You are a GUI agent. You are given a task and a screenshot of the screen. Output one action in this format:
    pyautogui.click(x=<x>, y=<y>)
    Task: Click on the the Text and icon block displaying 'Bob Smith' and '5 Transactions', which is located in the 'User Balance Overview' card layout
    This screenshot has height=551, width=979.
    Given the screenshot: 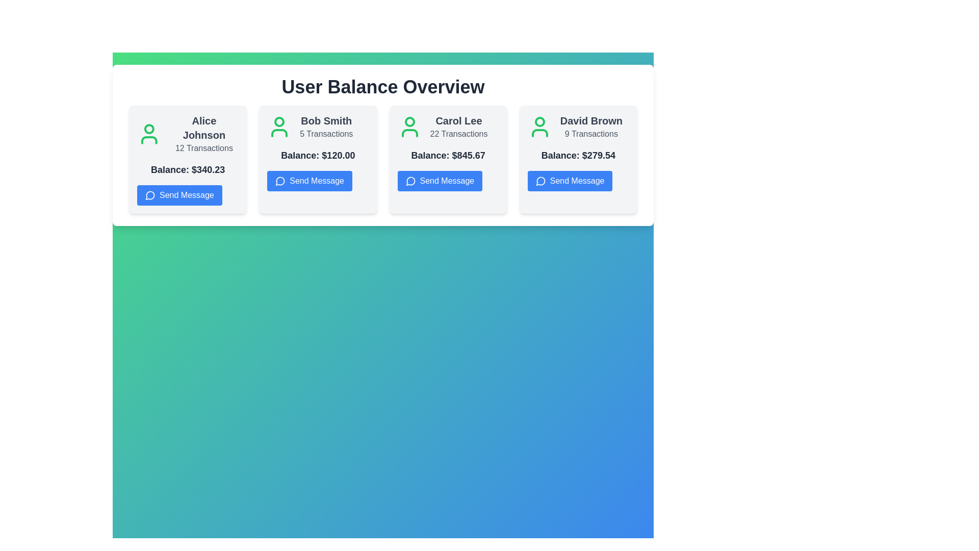 What is the action you would take?
    pyautogui.click(x=317, y=127)
    